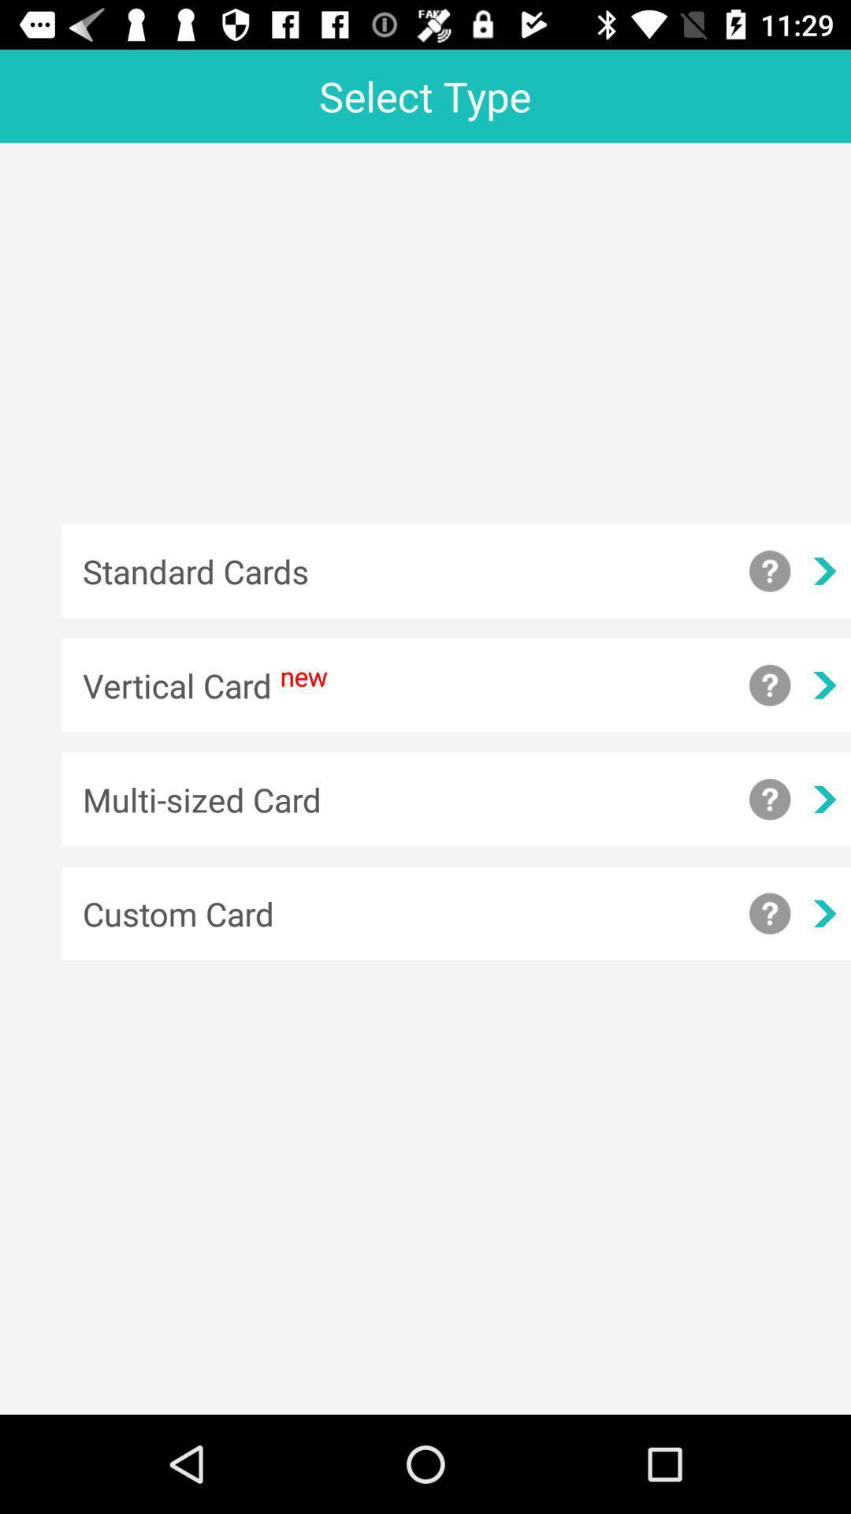 The width and height of the screenshot is (851, 1514). I want to click on display custom card information, so click(769, 913).